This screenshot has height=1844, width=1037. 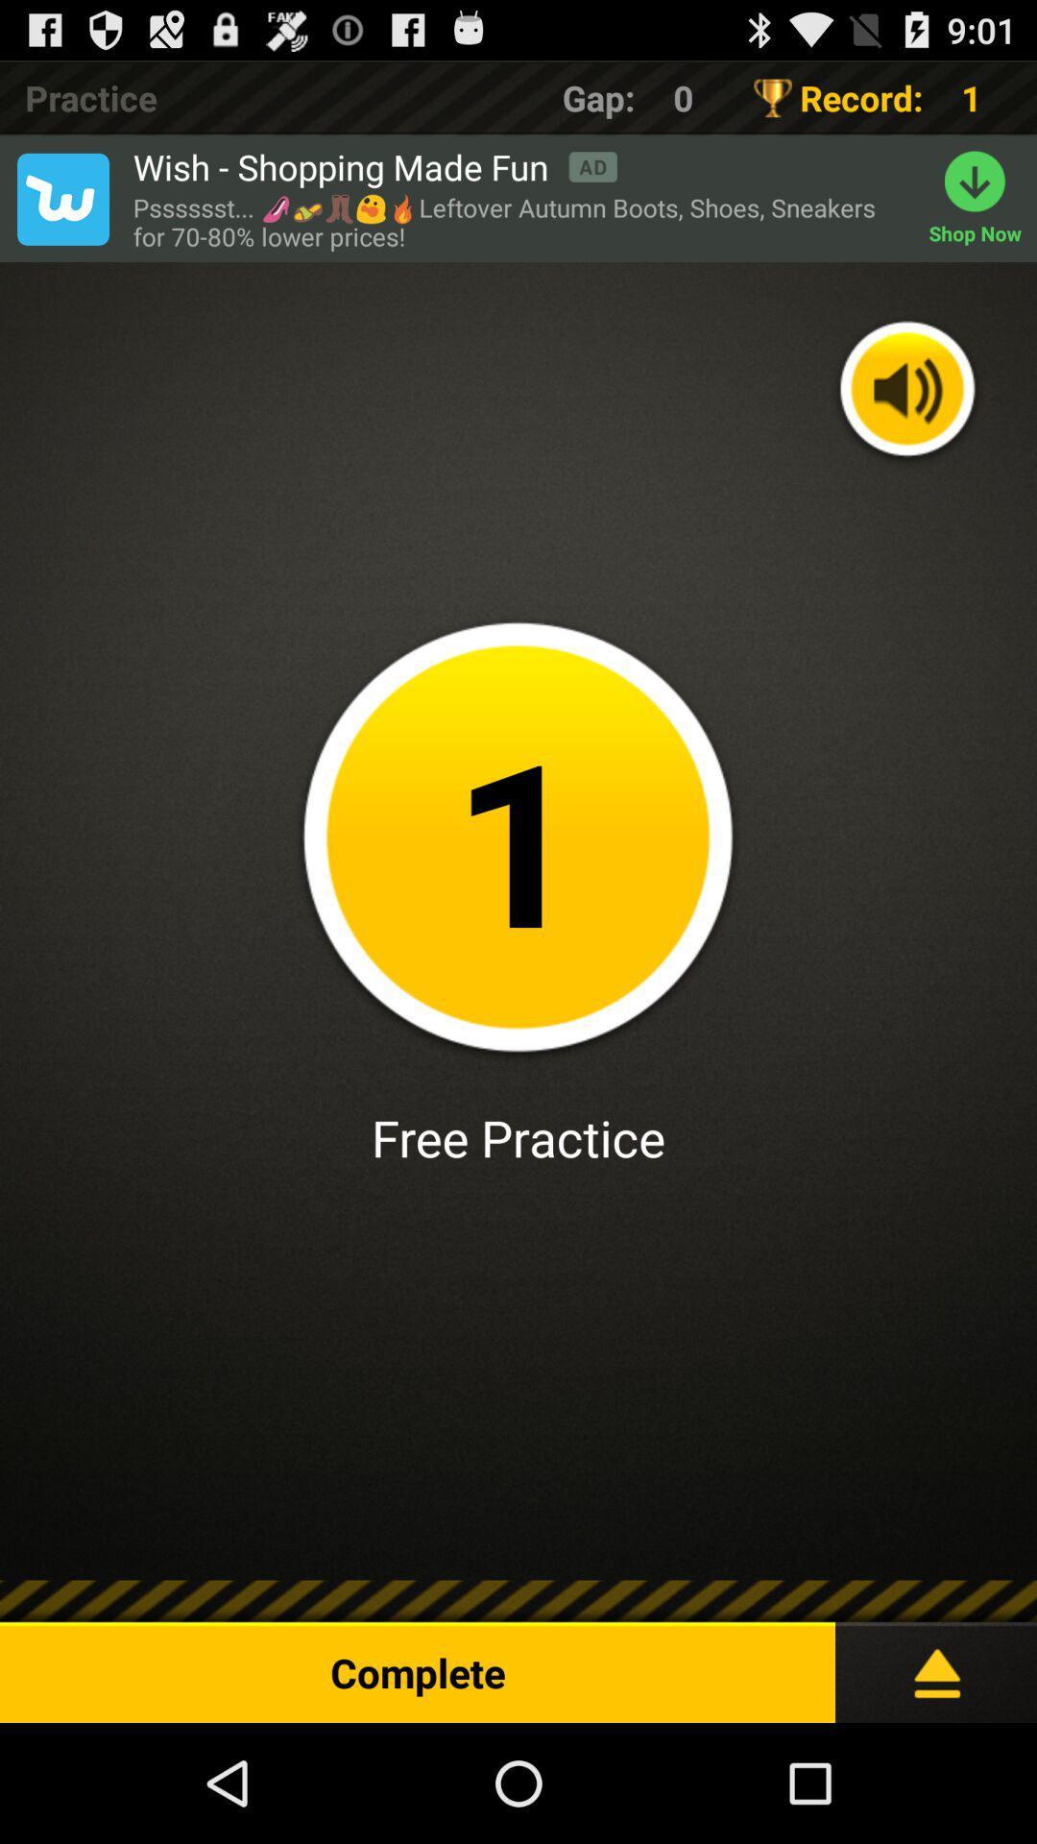 I want to click on sound, so click(x=907, y=390).